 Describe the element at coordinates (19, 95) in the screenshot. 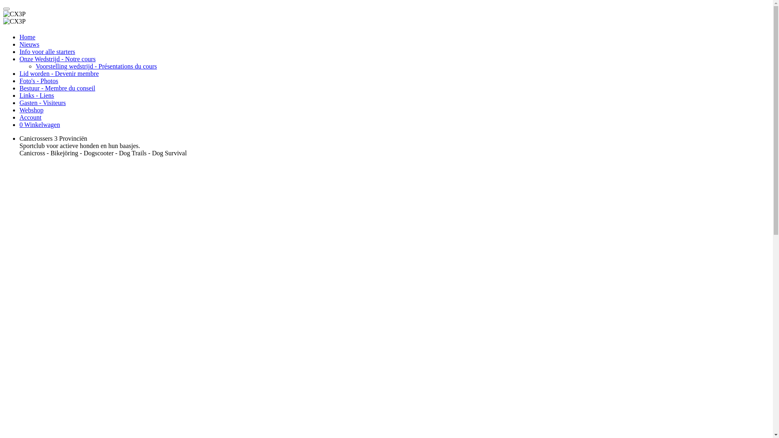

I see `'Links - Liens'` at that location.